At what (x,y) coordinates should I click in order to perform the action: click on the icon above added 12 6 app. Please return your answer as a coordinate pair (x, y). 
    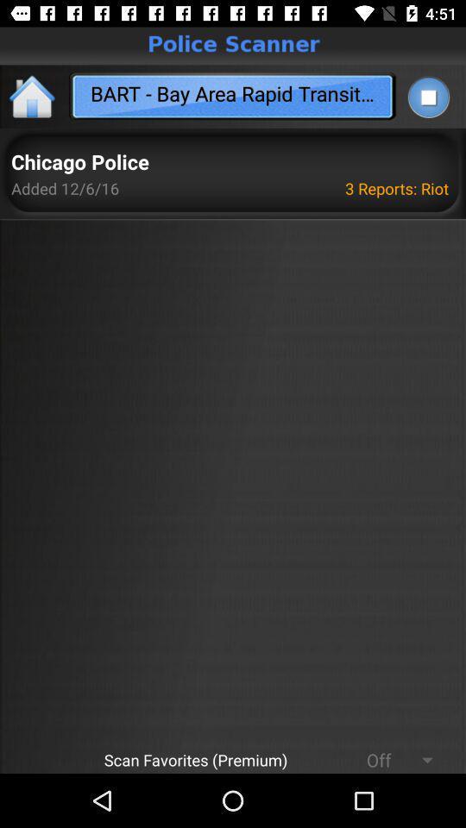
    Looking at the image, I should click on (79, 163).